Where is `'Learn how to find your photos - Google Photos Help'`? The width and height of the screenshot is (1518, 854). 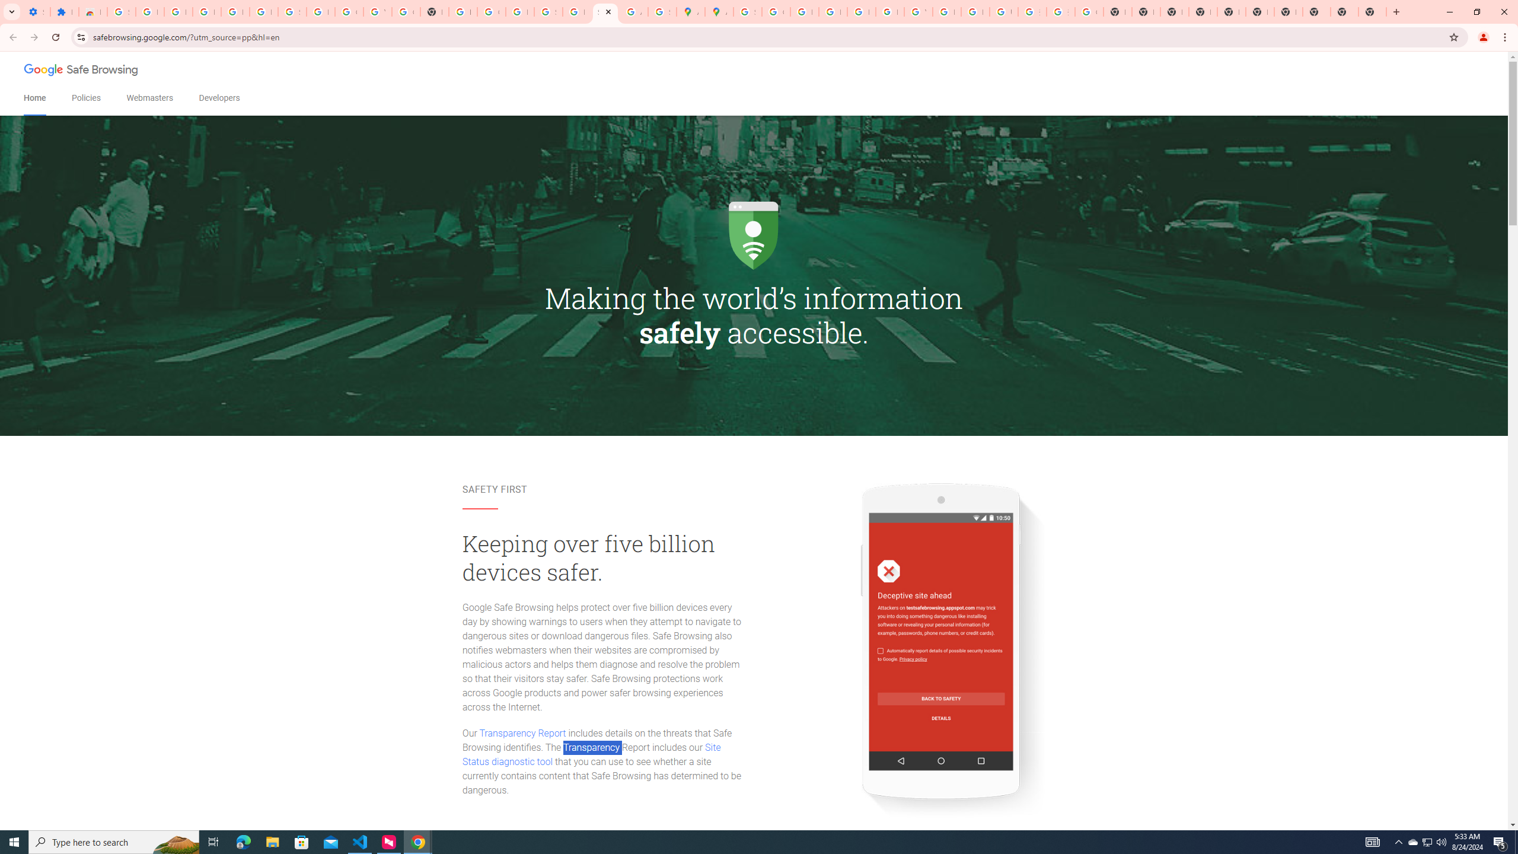
'Learn how to find your photos - Google Photos Help' is located at coordinates (234, 11).